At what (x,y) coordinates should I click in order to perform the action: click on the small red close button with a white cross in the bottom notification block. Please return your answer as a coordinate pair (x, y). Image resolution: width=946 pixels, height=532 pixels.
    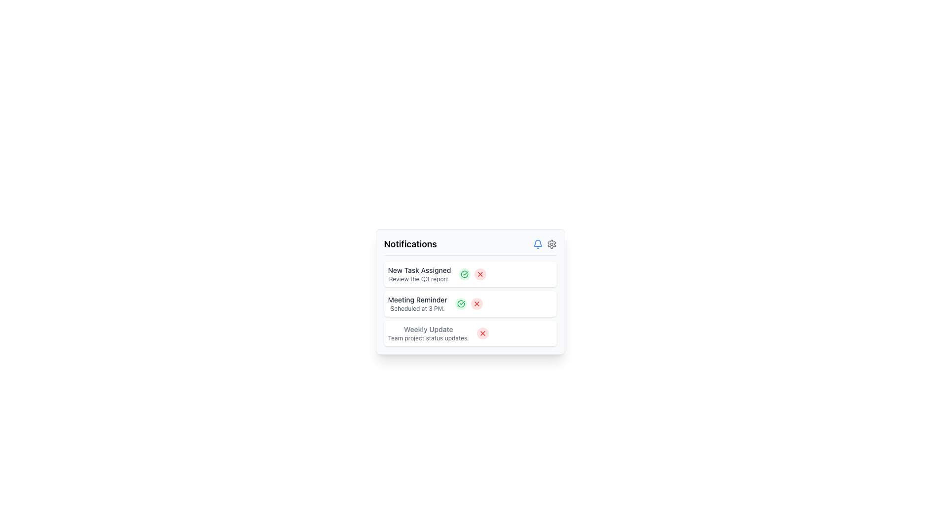
    Looking at the image, I should click on (482, 333).